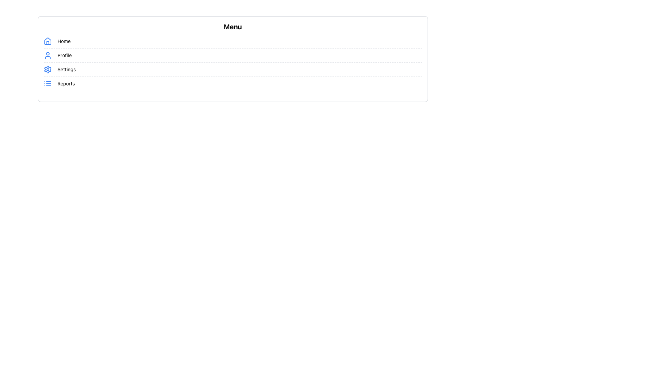  I want to click on the 'Home' icon located at the leftmost side of the row labeled 'Home' in the menu list, which serves as a visual reference for the user's main interface, so click(48, 41).